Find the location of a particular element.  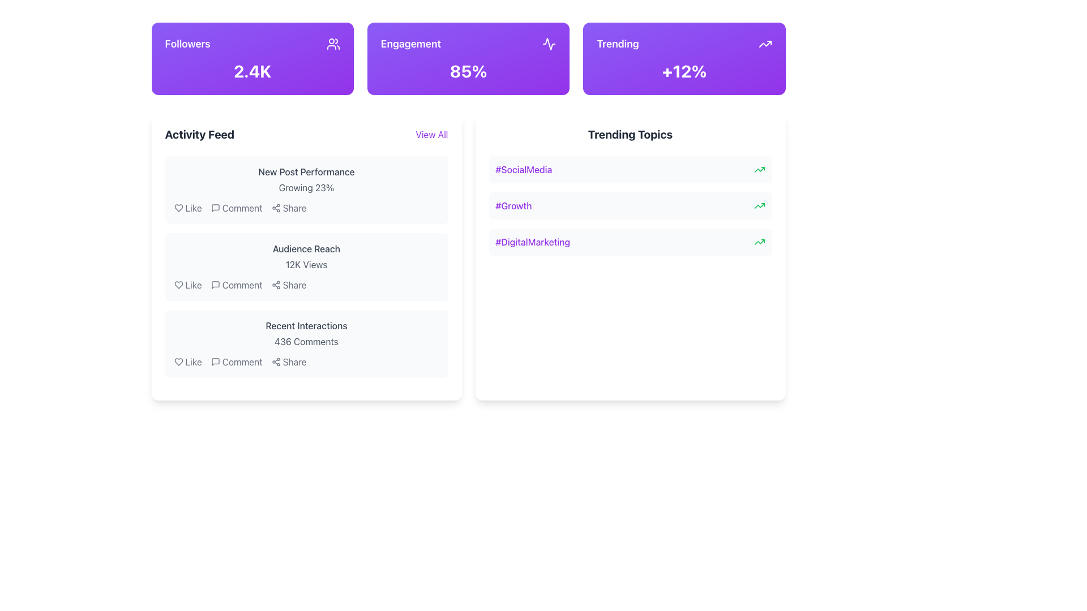

the 'Like' button, which is the first button in the row below the 'New Post Performance' section in the 'Activity Feed'. The button features a heart-shaped icon followed by the text 'Like', styled in gray and changing to purple on hover is located at coordinates (188, 208).